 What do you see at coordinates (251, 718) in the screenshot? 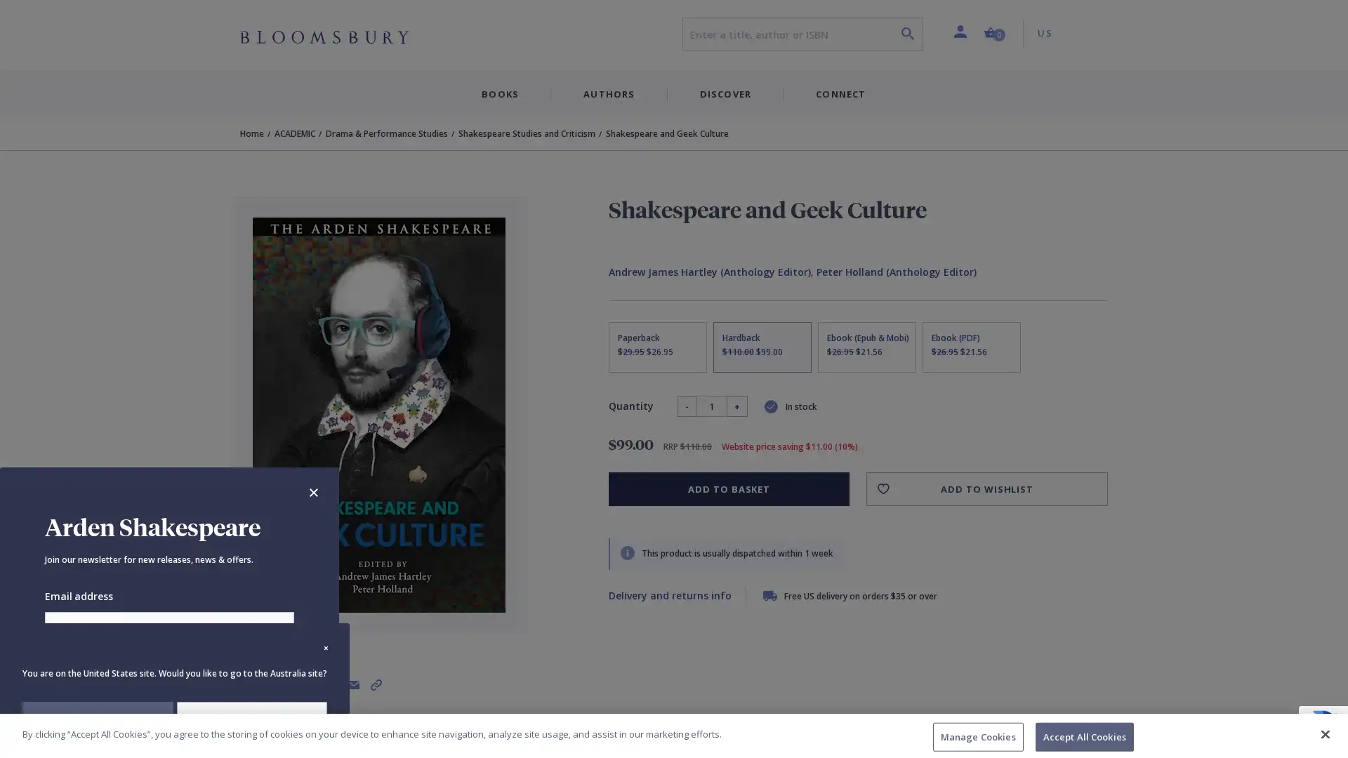
I see `REDIRECT` at bounding box center [251, 718].